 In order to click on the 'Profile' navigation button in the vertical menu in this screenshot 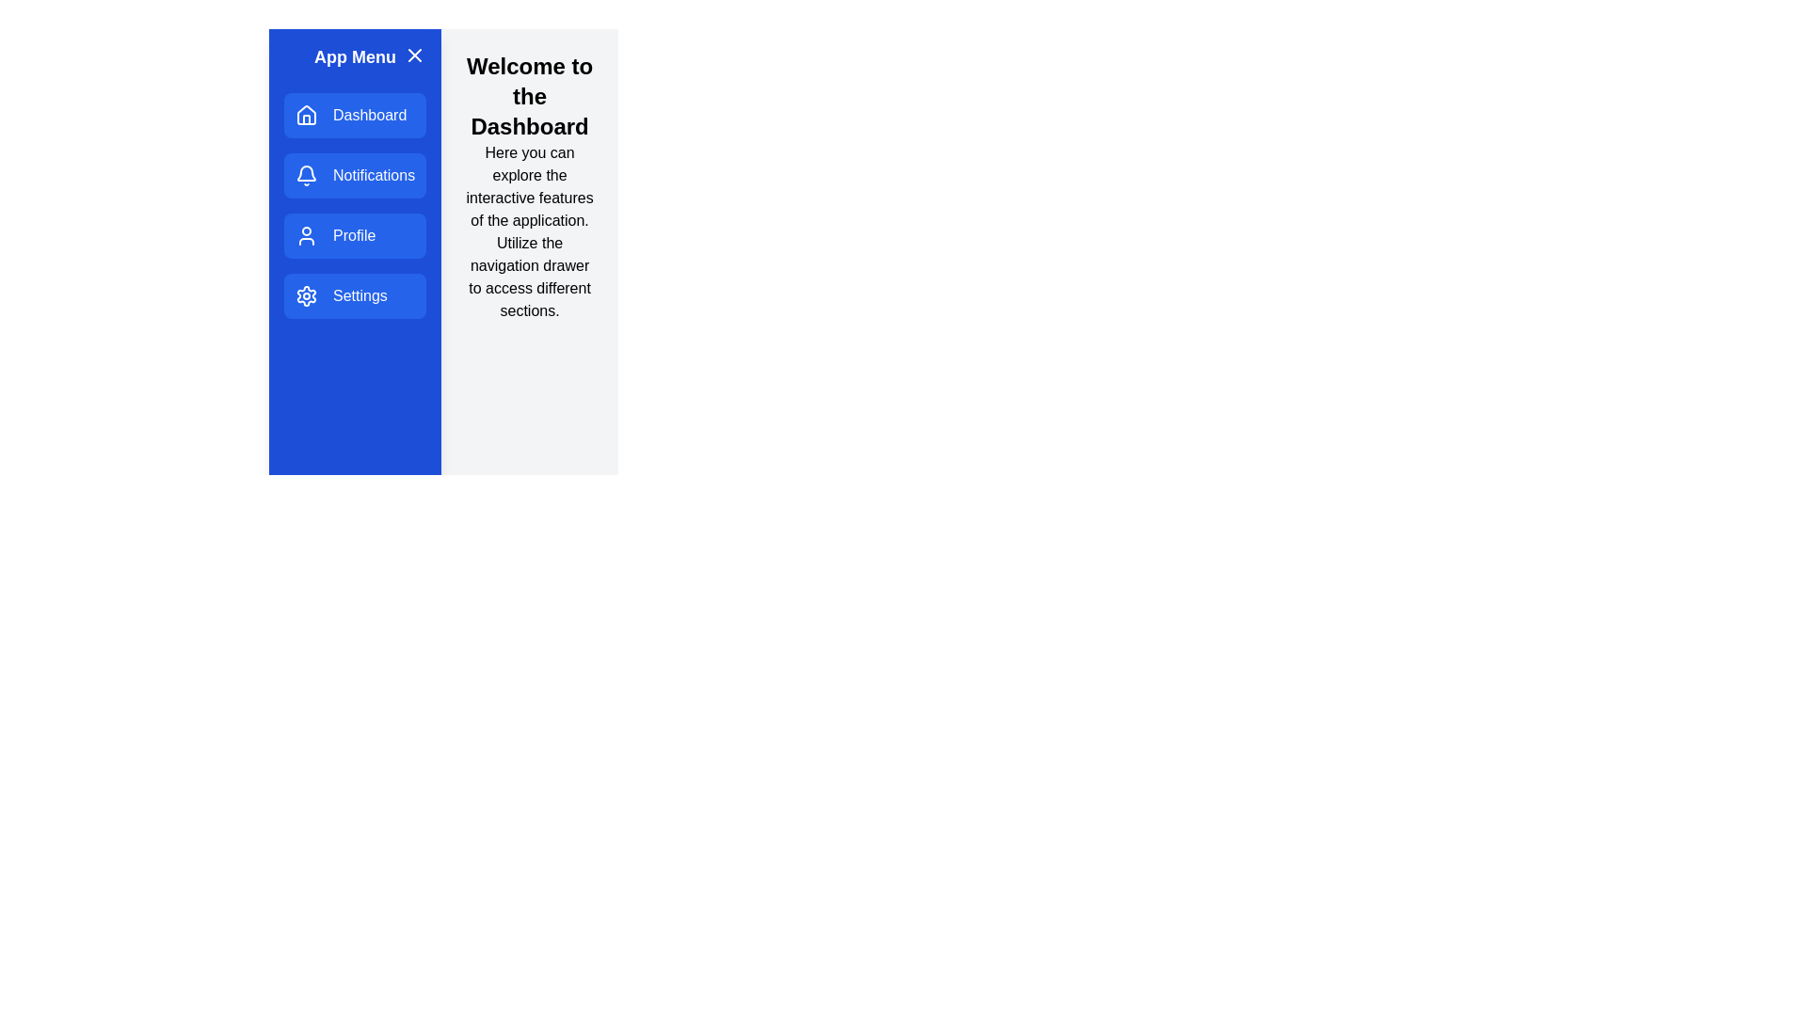, I will do `click(355, 234)`.